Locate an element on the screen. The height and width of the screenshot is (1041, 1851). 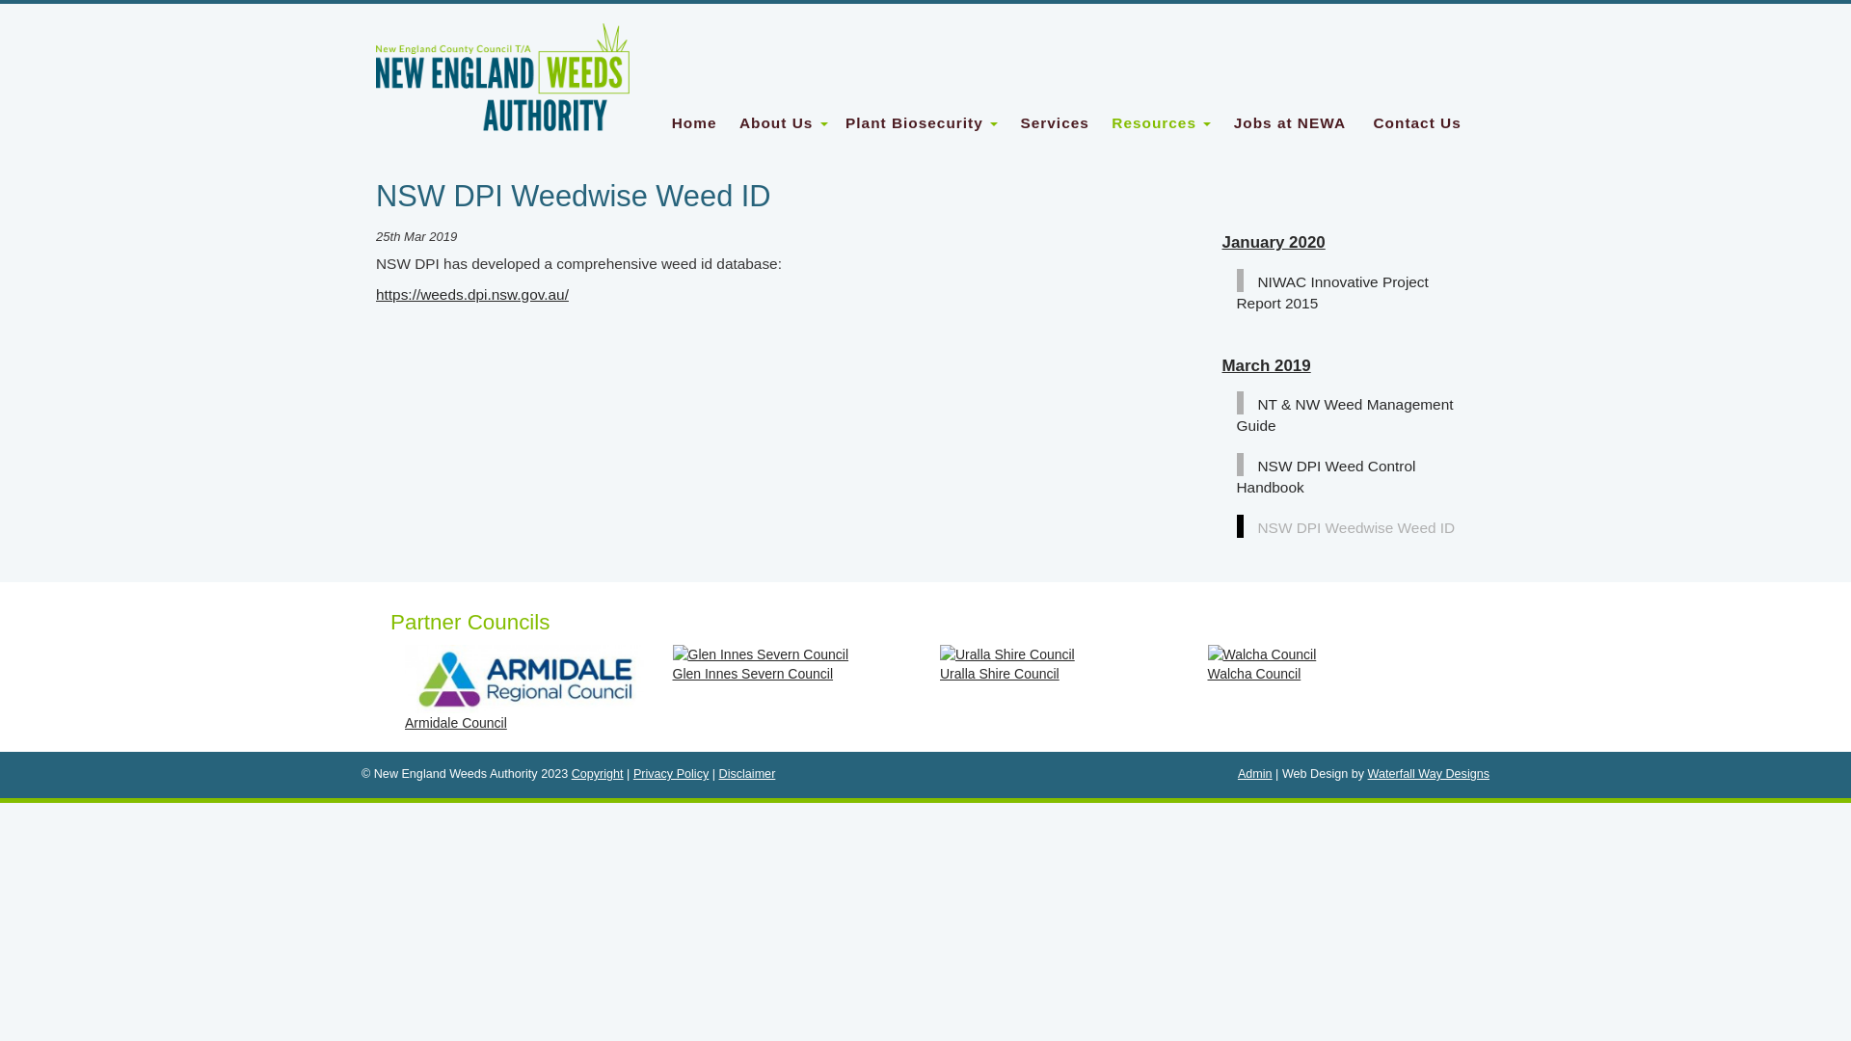
'Disclaimer' is located at coordinates (746, 772).